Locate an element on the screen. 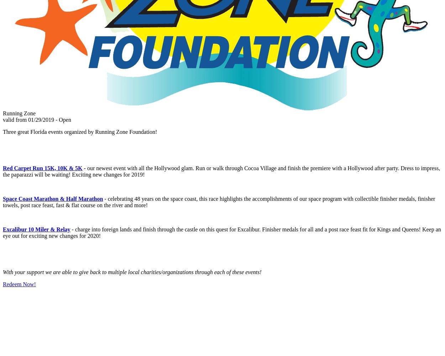 The image size is (445, 356). '- charge into foreign lands and finish through the castle on this quest for Excalibur. Finisher medals for all and a post race feast fit for Kings and Queens! Keep an eye out for exciting new changes for 2020!' is located at coordinates (221, 232).